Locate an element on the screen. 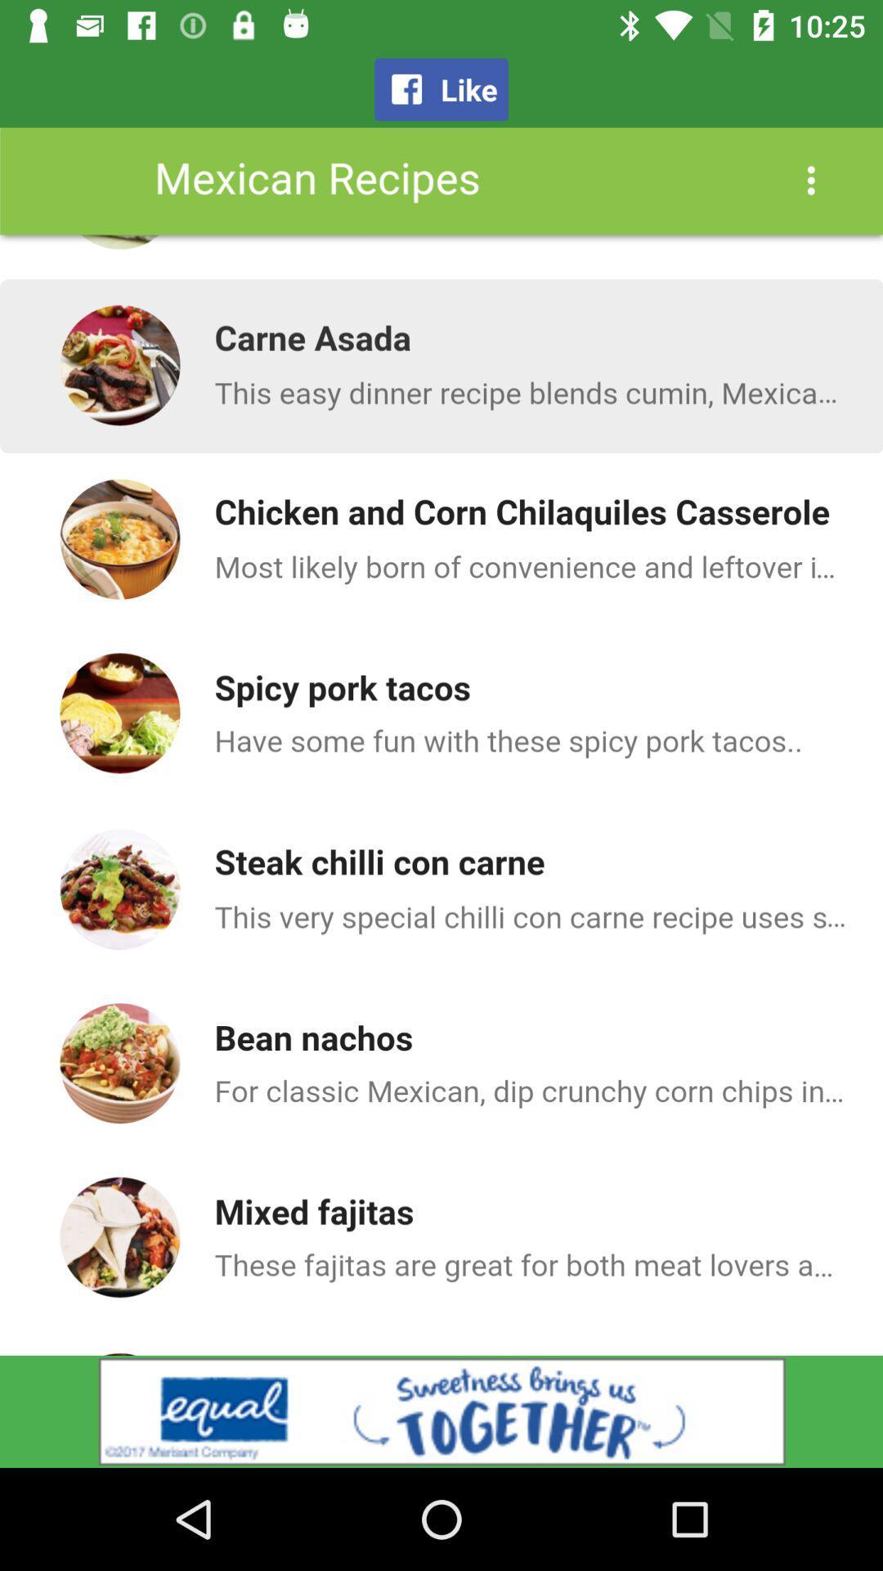 The height and width of the screenshot is (1571, 883). click advertisement to go to advertisement page is located at coordinates (441, 1411).